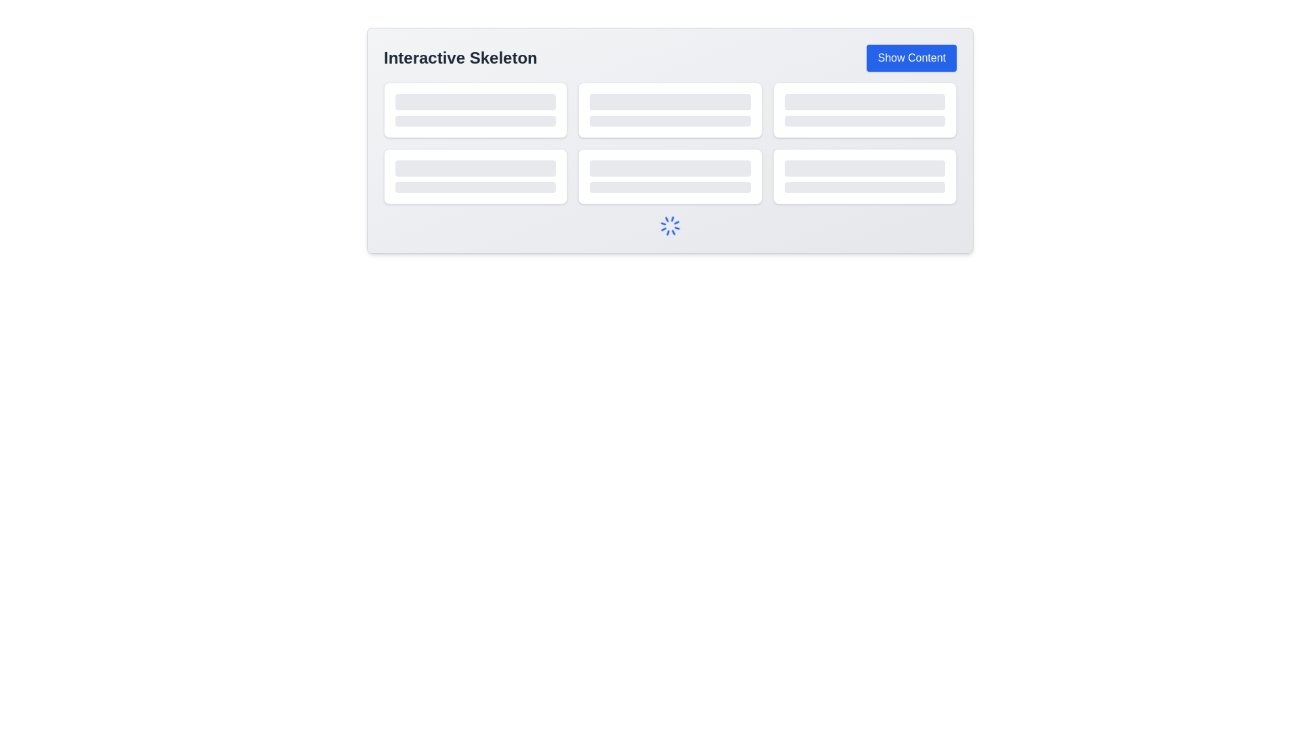 The image size is (1300, 731). What do you see at coordinates (670, 101) in the screenshot?
I see `the gray rectangular block with rounded corners, which serves as a visual placeholder or skeletal loading component, positioned centrally among similar placeholders` at bounding box center [670, 101].